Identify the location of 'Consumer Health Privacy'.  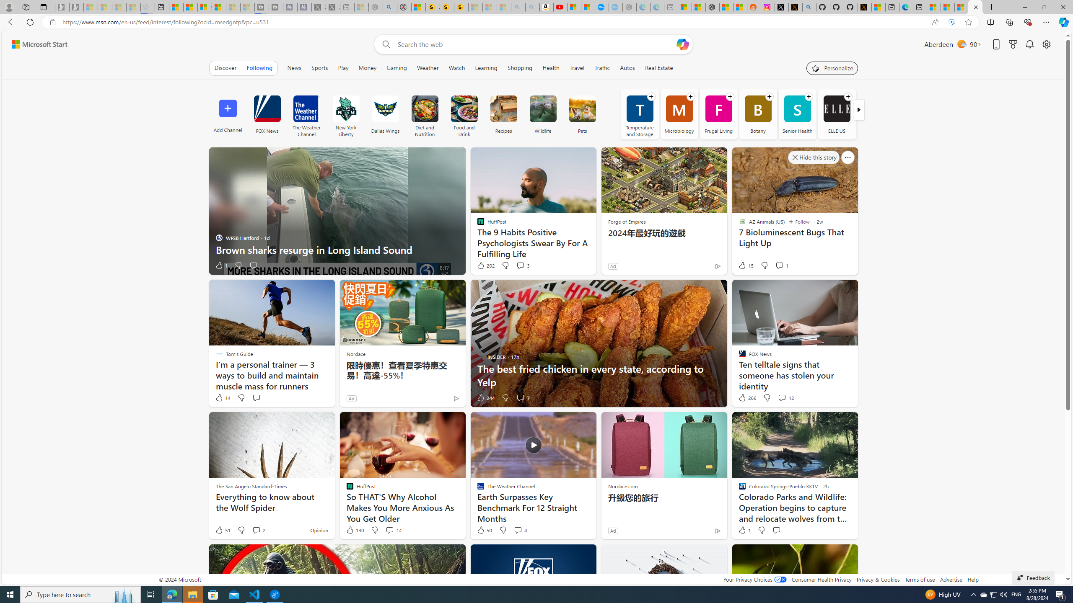
(822, 579).